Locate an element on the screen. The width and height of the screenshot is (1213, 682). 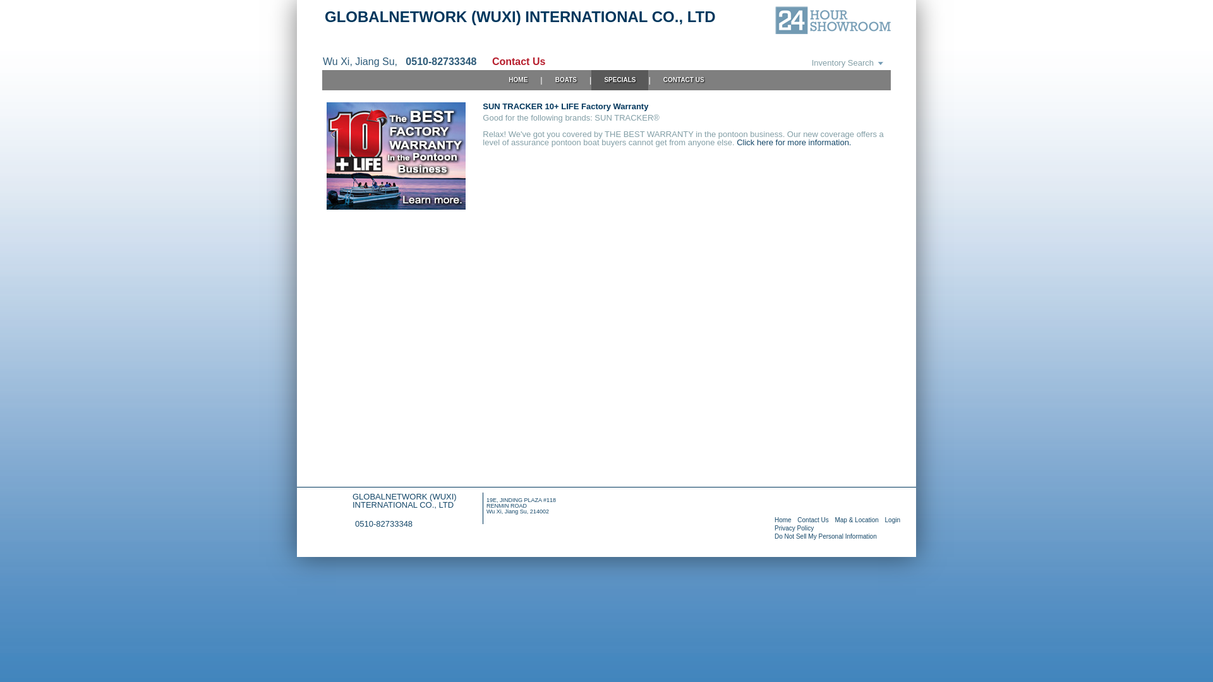
'Home' is located at coordinates (782, 520).